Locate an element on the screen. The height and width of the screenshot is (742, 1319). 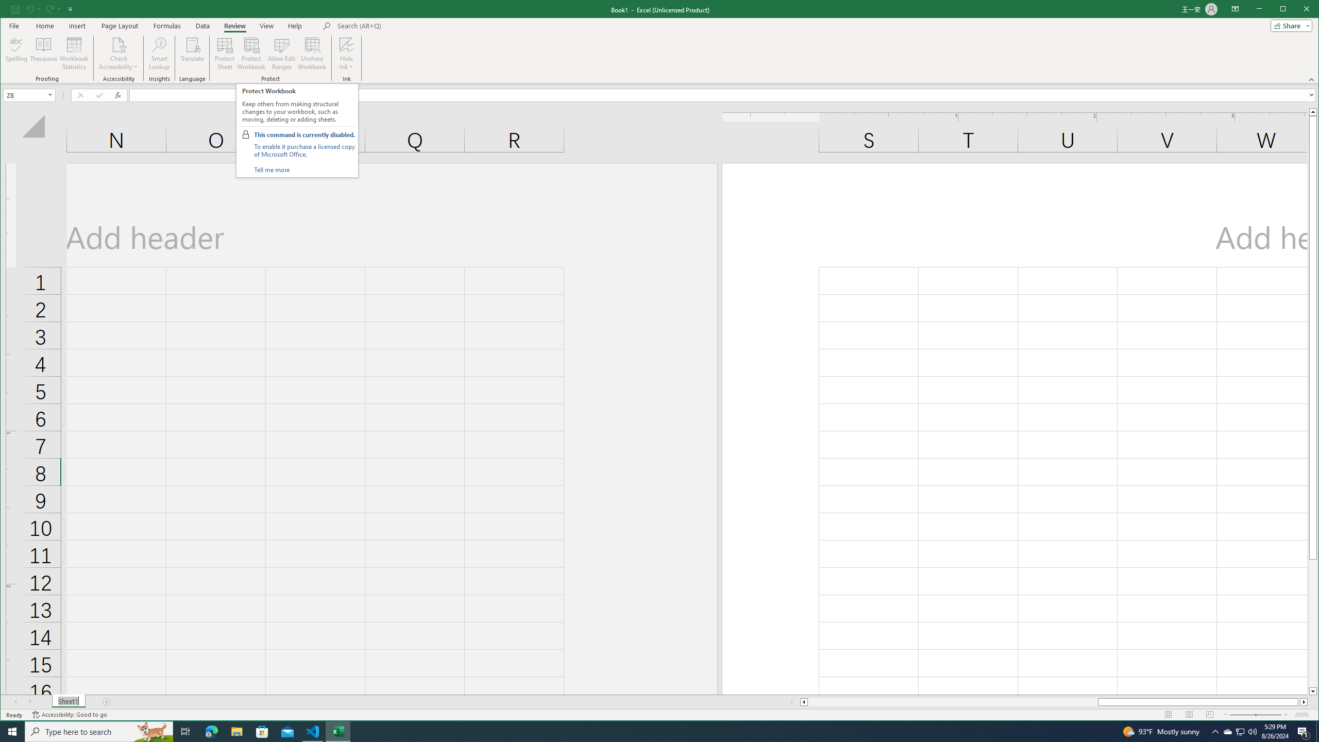
'Collapse the Ribbon' is located at coordinates (1312, 79).